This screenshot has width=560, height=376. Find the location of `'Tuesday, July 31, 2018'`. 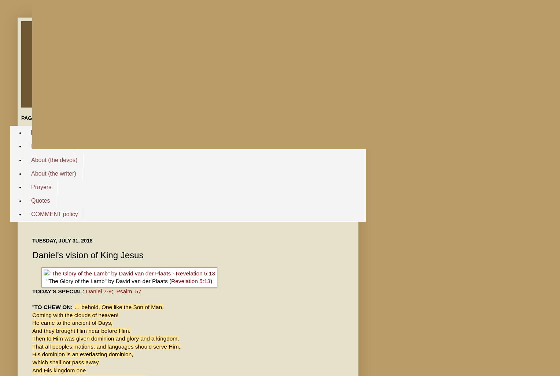

'Tuesday, July 31, 2018' is located at coordinates (62, 240).